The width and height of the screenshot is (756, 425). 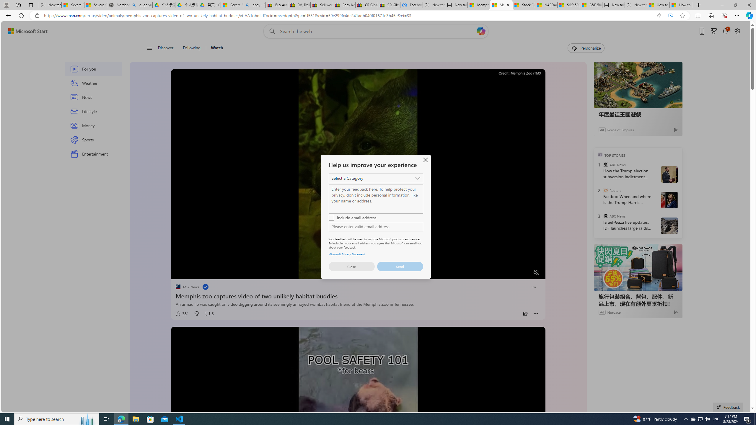 I want to click on 'AutomationID: control', so click(x=375, y=226).